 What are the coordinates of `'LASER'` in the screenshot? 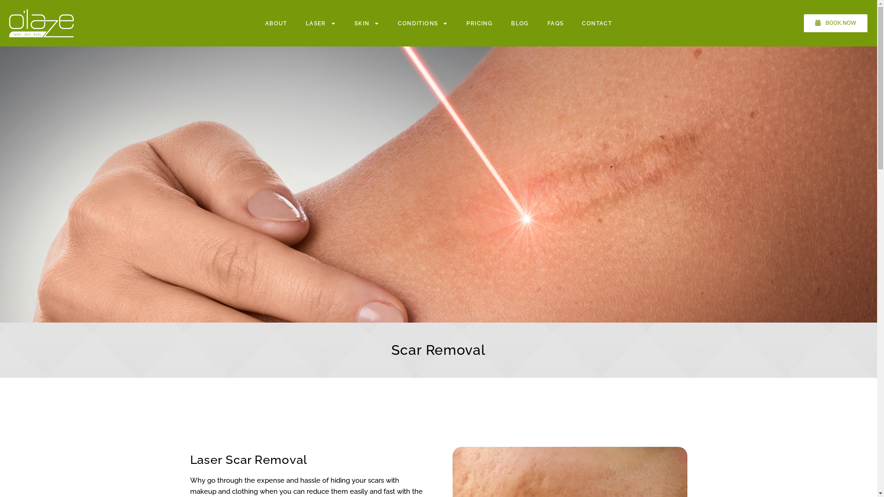 It's located at (320, 23).